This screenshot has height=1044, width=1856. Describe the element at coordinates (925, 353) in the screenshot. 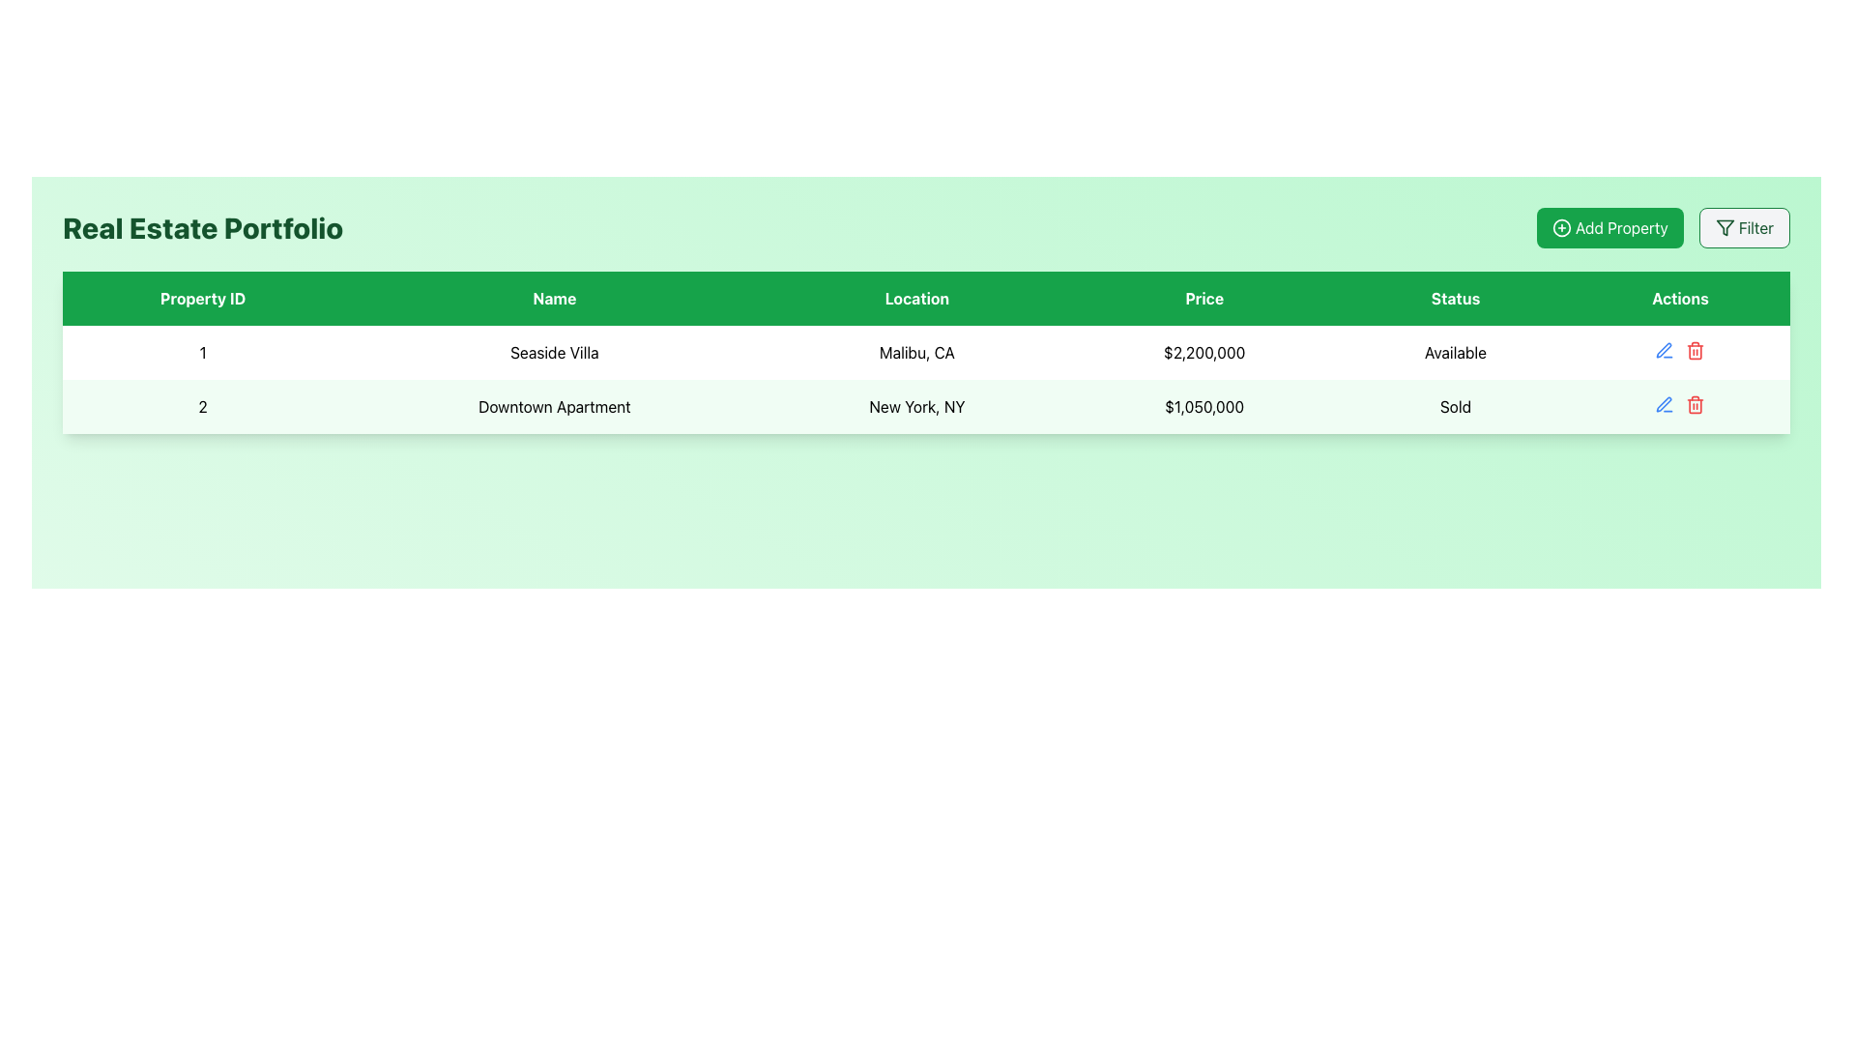

I see `the first row` at that location.